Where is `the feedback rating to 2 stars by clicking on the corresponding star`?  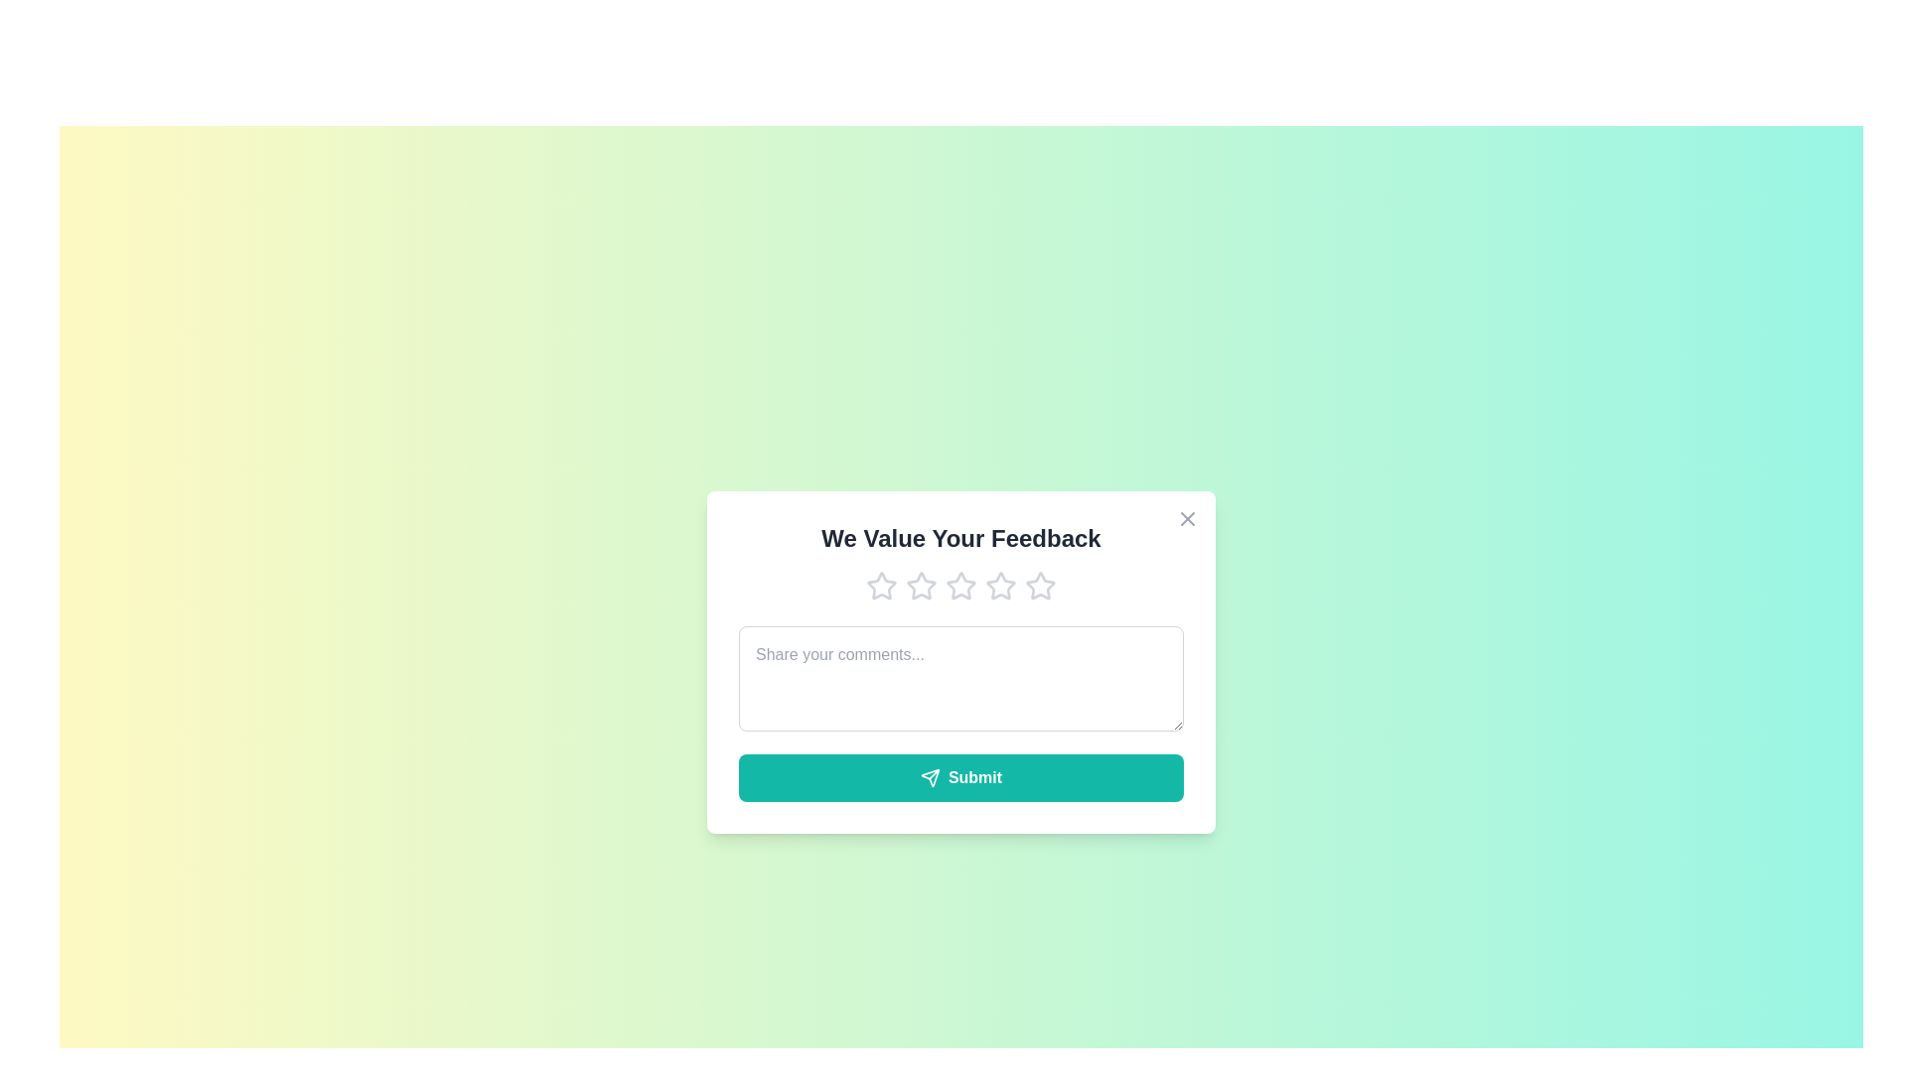
the feedback rating to 2 stars by clicking on the corresponding star is located at coordinates (920, 585).